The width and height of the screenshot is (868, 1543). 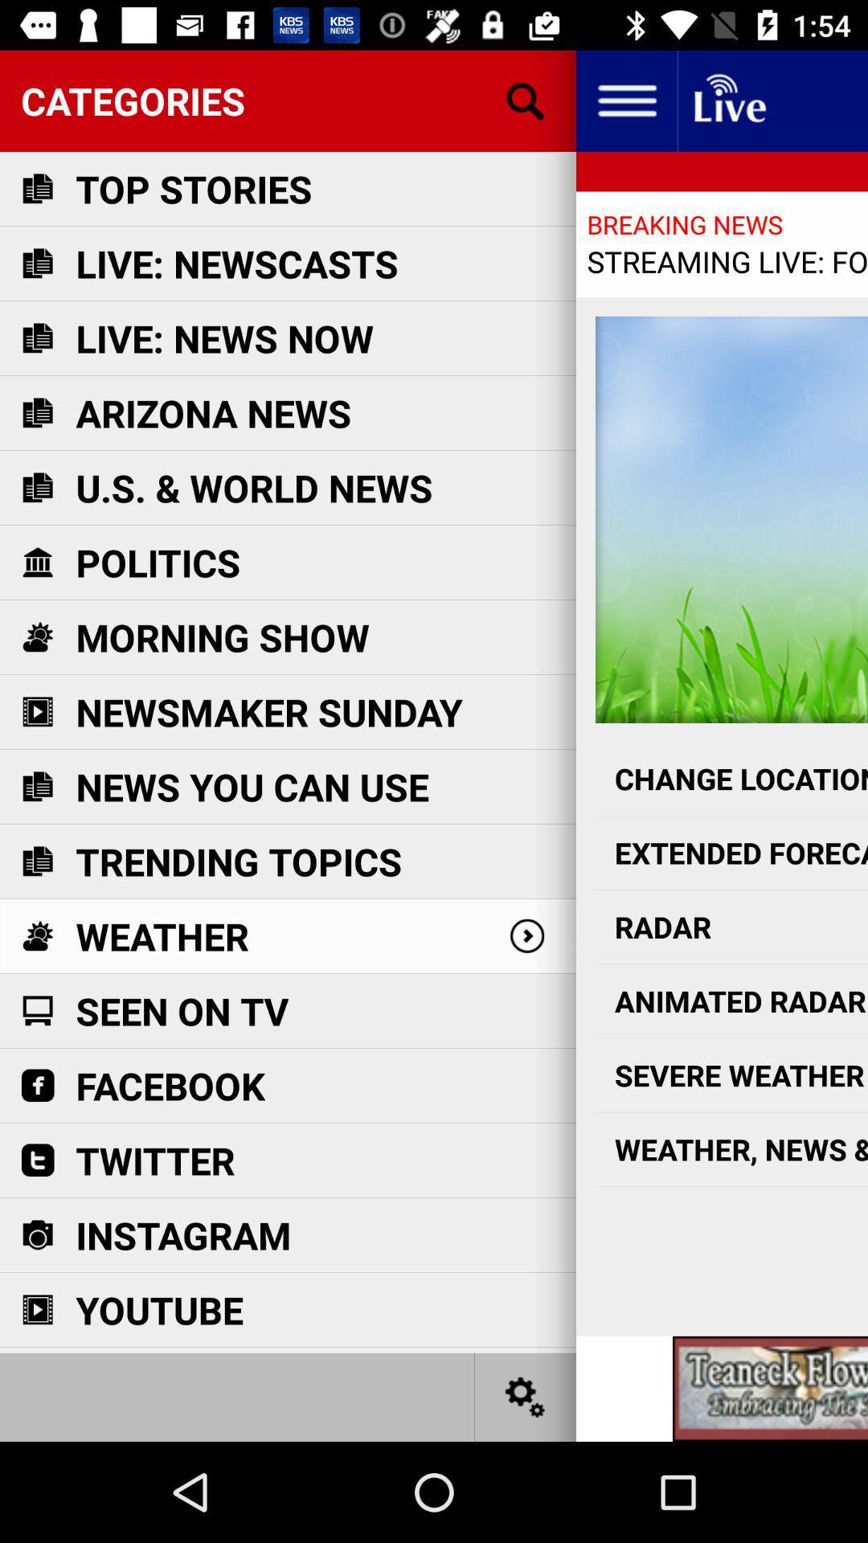 What do you see at coordinates (36, 1009) in the screenshot?
I see `the icon which is beside seen on tv` at bounding box center [36, 1009].